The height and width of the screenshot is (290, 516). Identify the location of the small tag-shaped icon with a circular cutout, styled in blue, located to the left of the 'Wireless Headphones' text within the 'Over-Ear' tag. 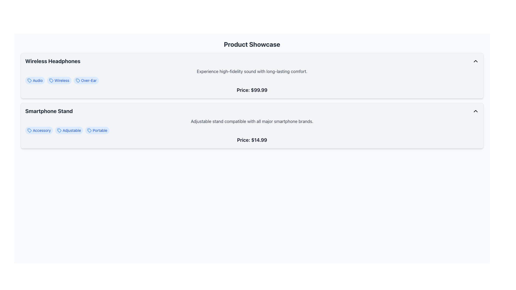
(77, 81).